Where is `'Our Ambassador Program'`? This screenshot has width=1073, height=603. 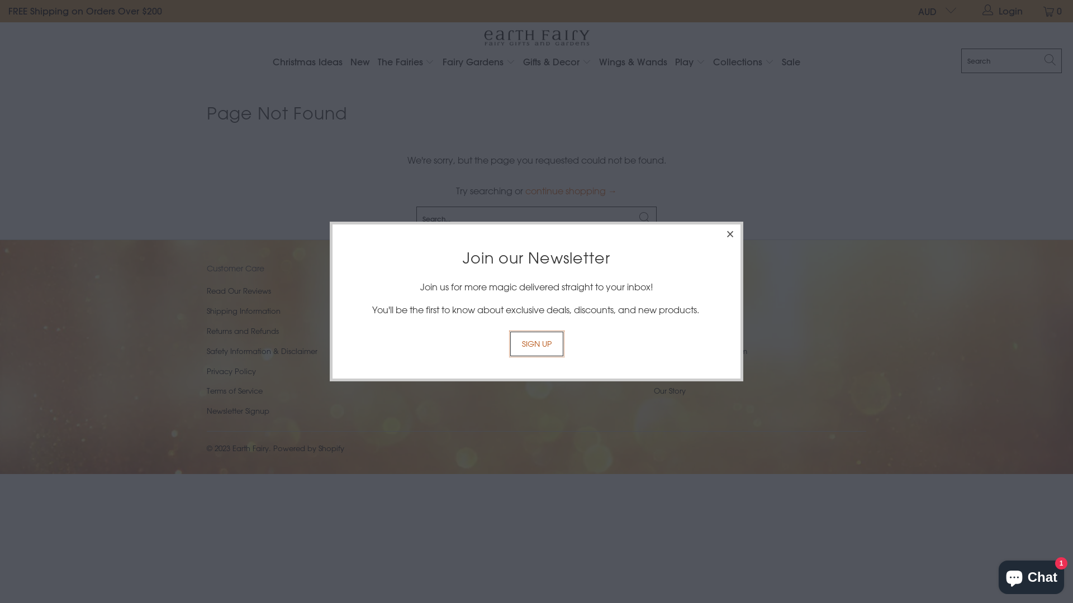 'Our Ambassador Program' is located at coordinates (700, 350).